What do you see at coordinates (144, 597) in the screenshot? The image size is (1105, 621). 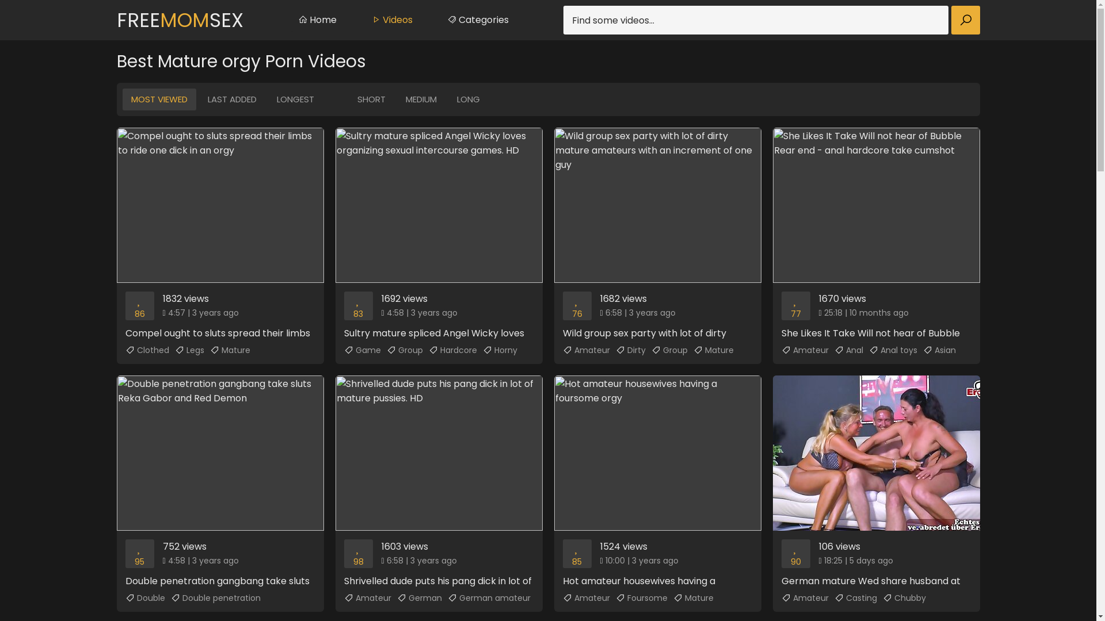 I see `'Double'` at bounding box center [144, 597].